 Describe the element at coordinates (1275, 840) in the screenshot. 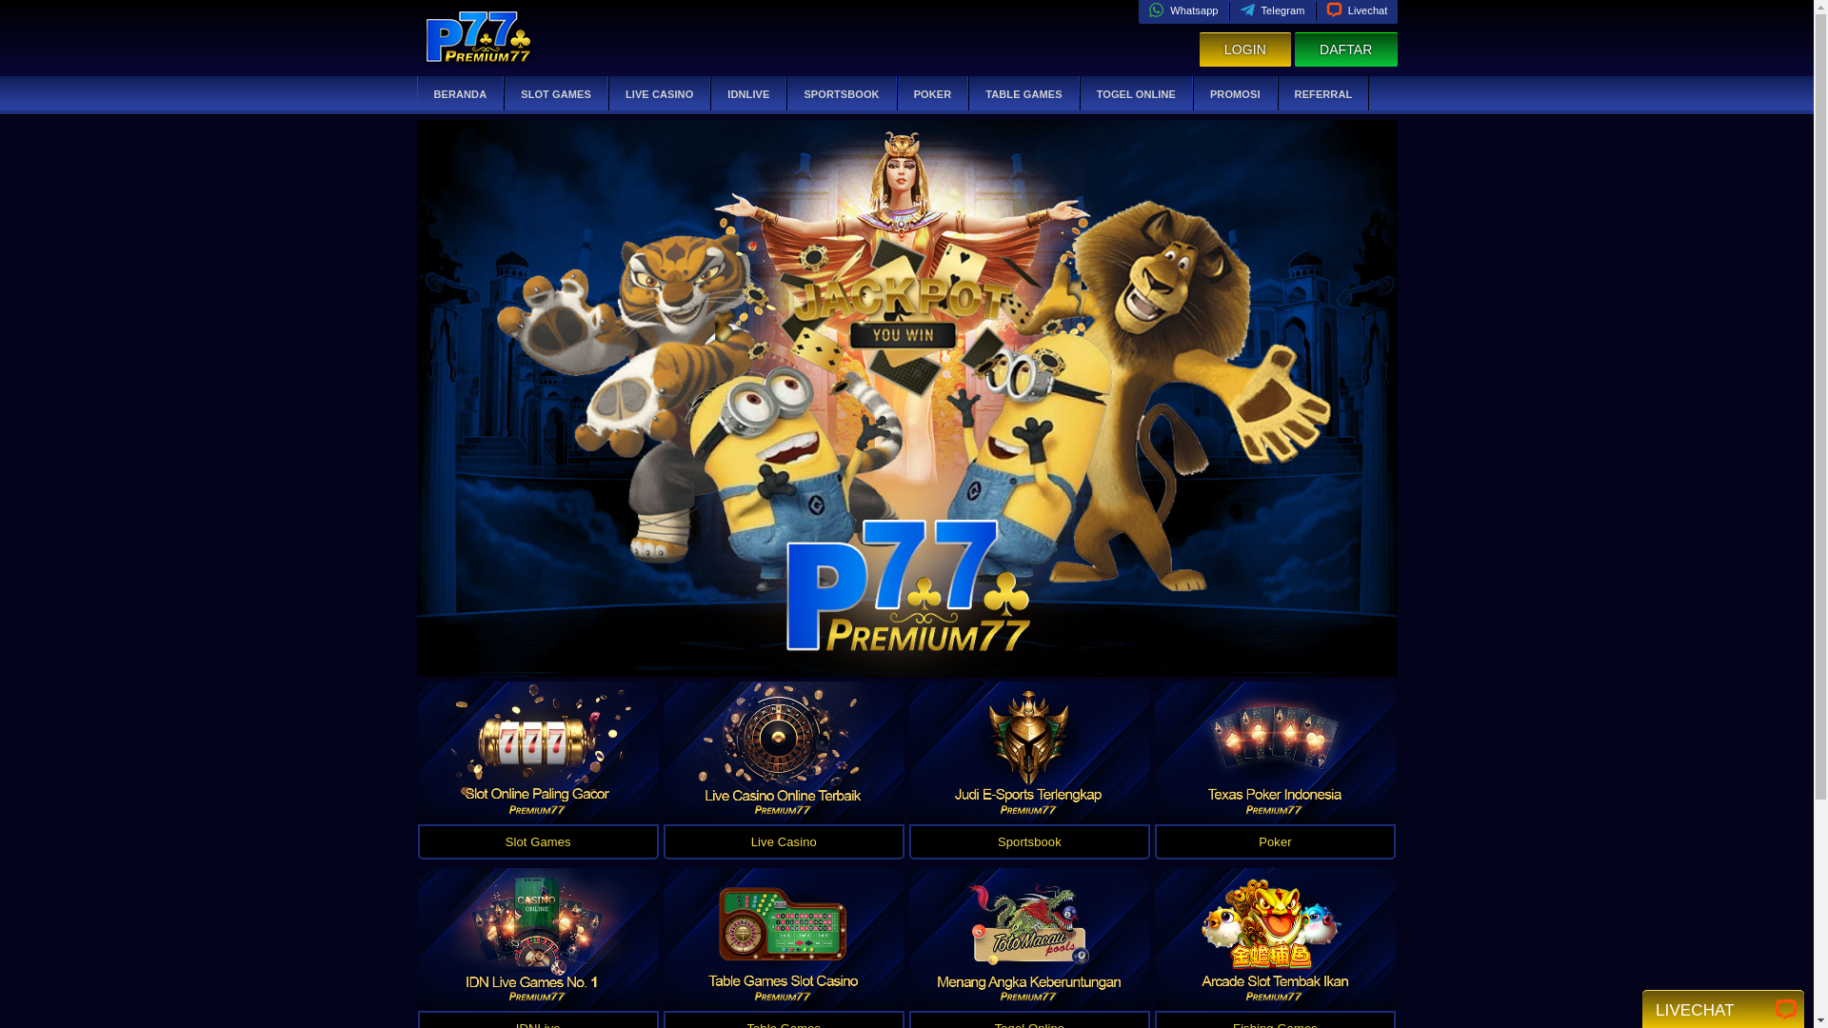

I see `'Poker'` at that location.